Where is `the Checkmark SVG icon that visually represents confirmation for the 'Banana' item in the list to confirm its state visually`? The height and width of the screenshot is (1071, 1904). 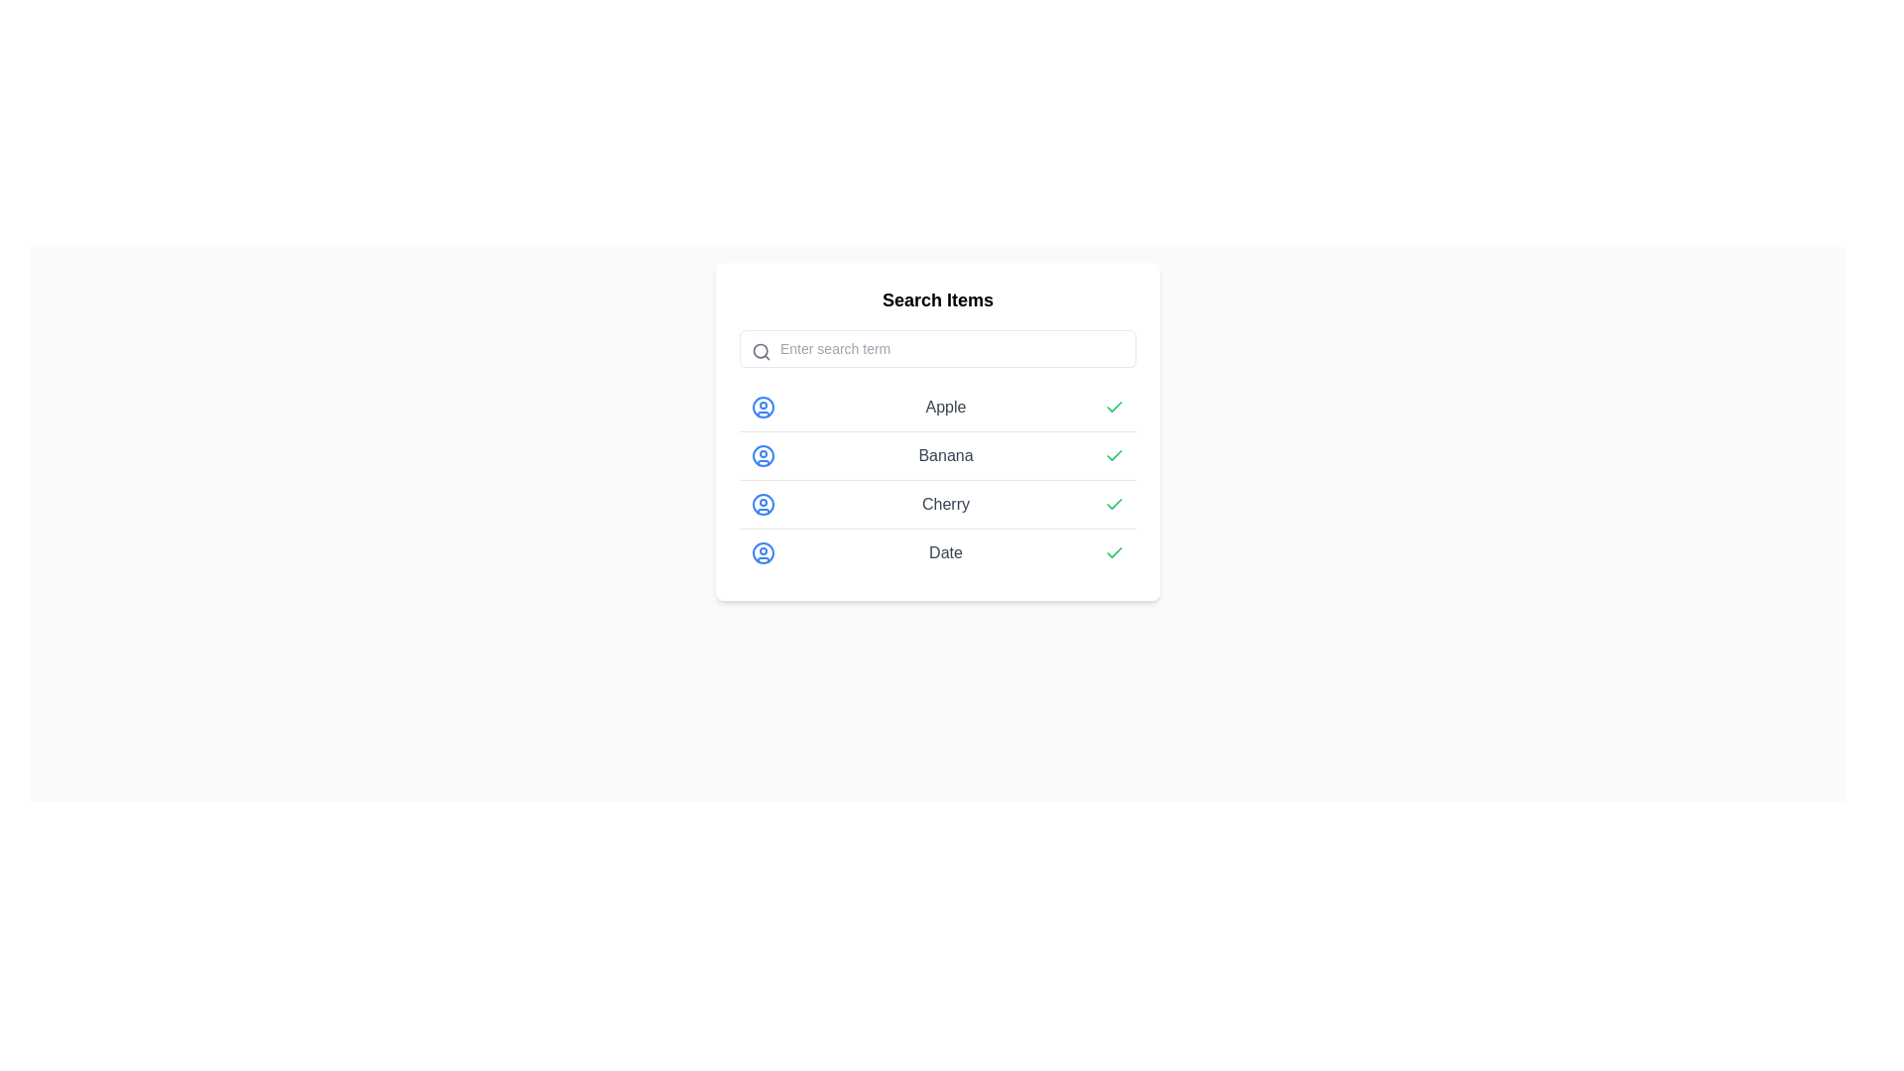
the Checkmark SVG icon that visually represents confirmation for the 'Banana' item in the list to confirm its state visually is located at coordinates (1114, 455).